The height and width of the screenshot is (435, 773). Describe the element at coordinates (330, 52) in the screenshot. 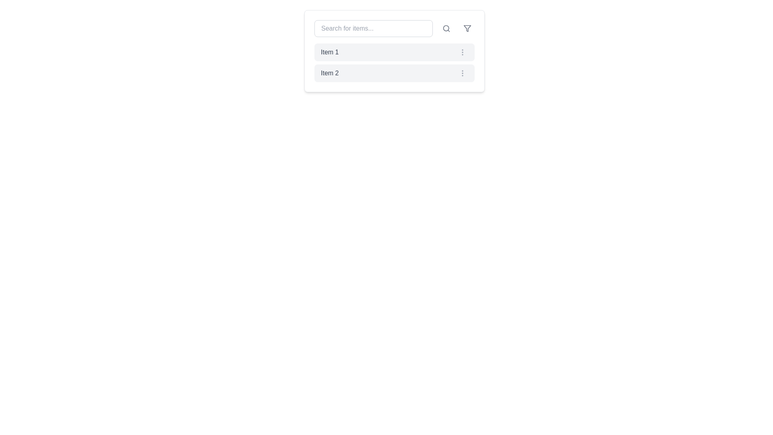

I see `the 'Item 1' text label displayed in gray font, which is the first item in a list under a search bar and aligned with an ellipsis menu` at that location.